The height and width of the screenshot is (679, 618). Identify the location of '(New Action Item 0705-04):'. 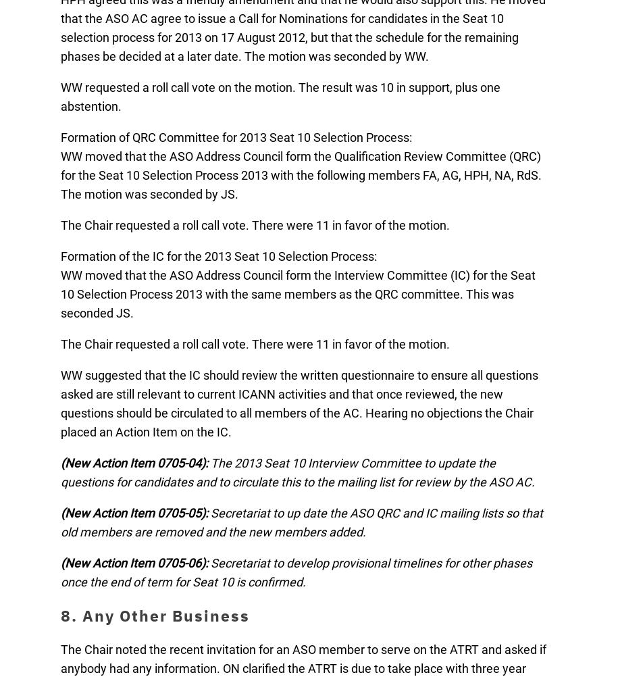
(60, 463).